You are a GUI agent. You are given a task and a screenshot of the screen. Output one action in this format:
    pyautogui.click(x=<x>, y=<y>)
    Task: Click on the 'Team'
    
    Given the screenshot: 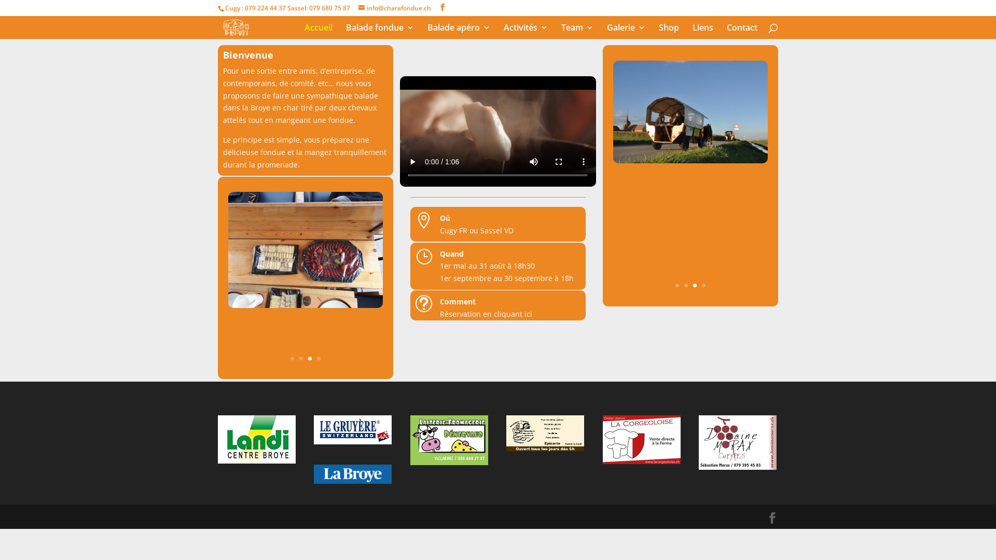 What is the action you would take?
    pyautogui.click(x=577, y=31)
    